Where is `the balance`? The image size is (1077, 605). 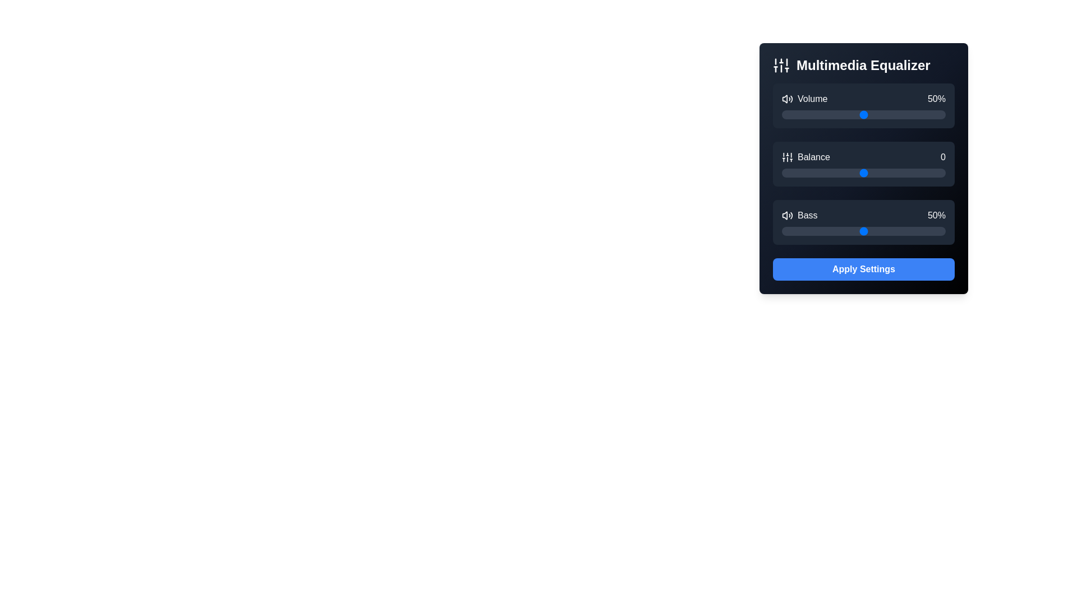 the balance is located at coordinates (916, 173).